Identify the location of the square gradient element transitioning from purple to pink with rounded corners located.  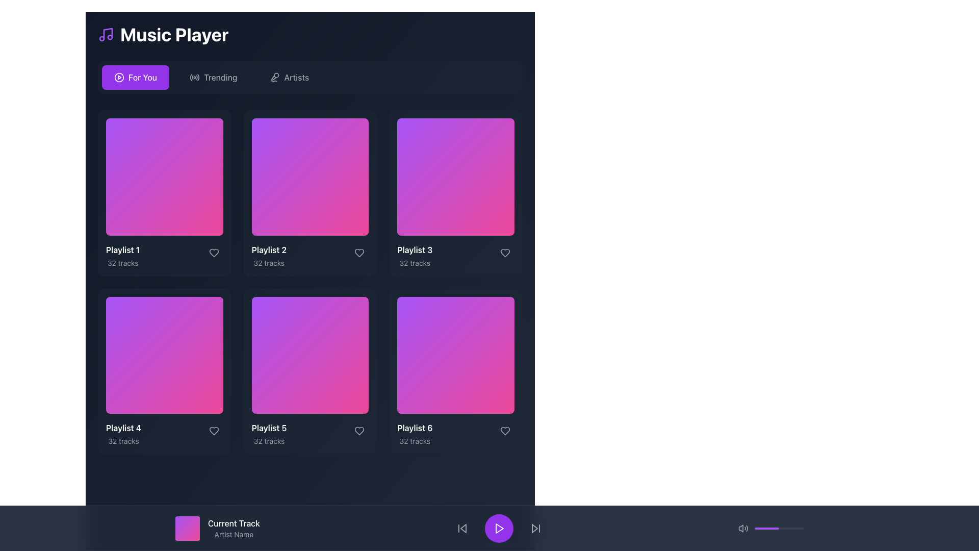
(455, 176).